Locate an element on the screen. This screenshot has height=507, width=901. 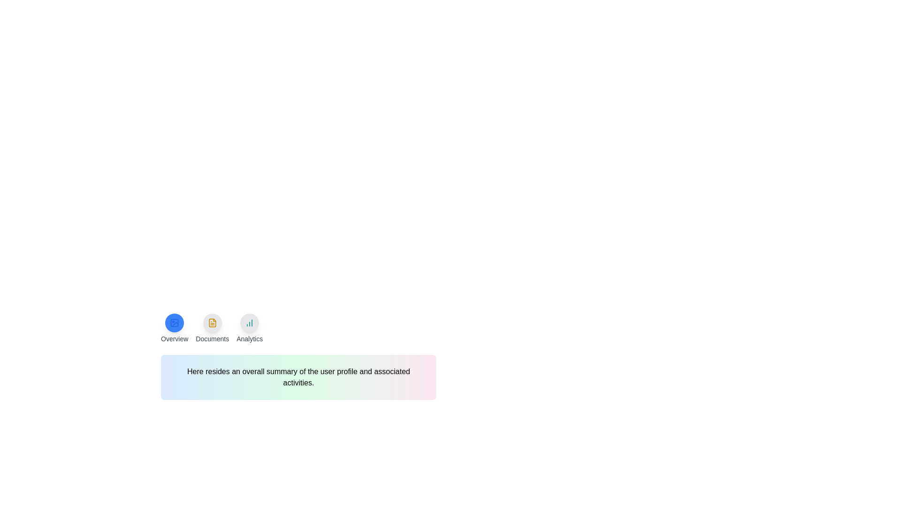
the 'Overview' navigation button with an icon is located at coordinates (175, 328).